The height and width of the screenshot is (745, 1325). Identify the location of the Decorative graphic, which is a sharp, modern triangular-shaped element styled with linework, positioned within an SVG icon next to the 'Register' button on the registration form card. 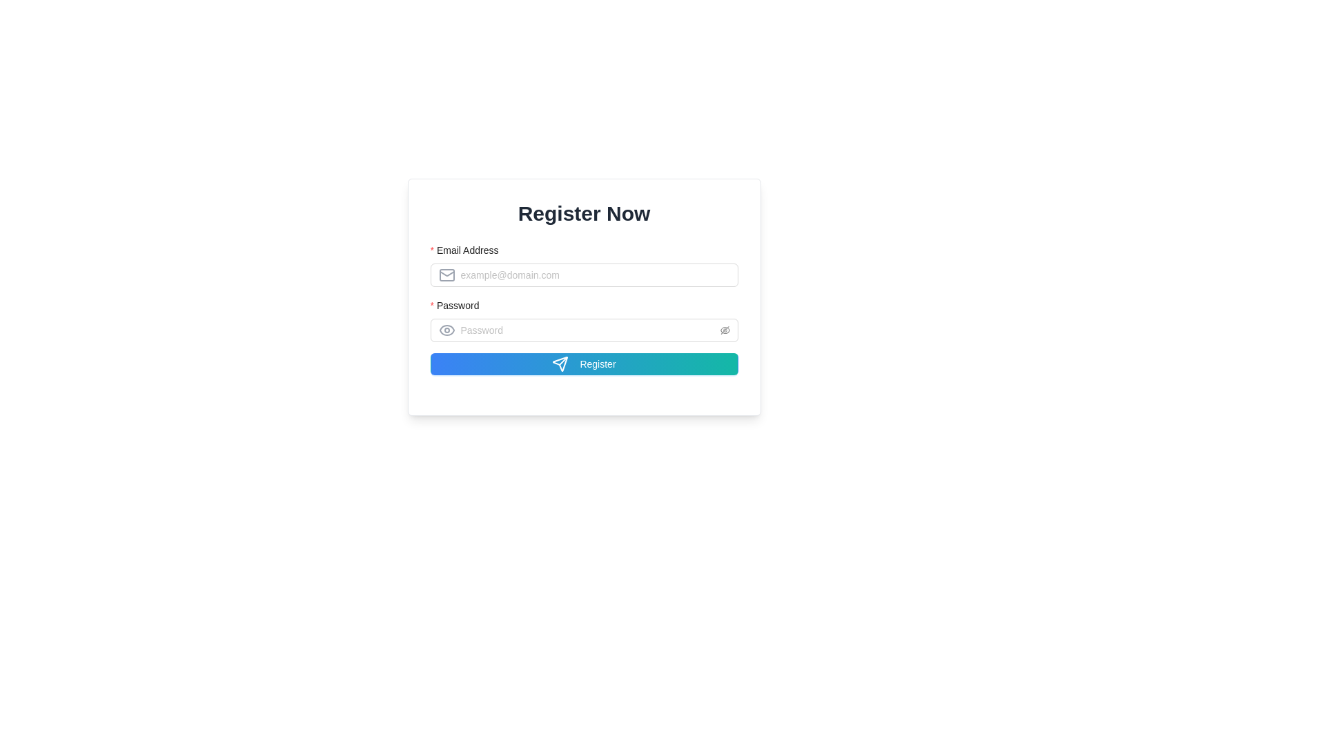
(560, 364).